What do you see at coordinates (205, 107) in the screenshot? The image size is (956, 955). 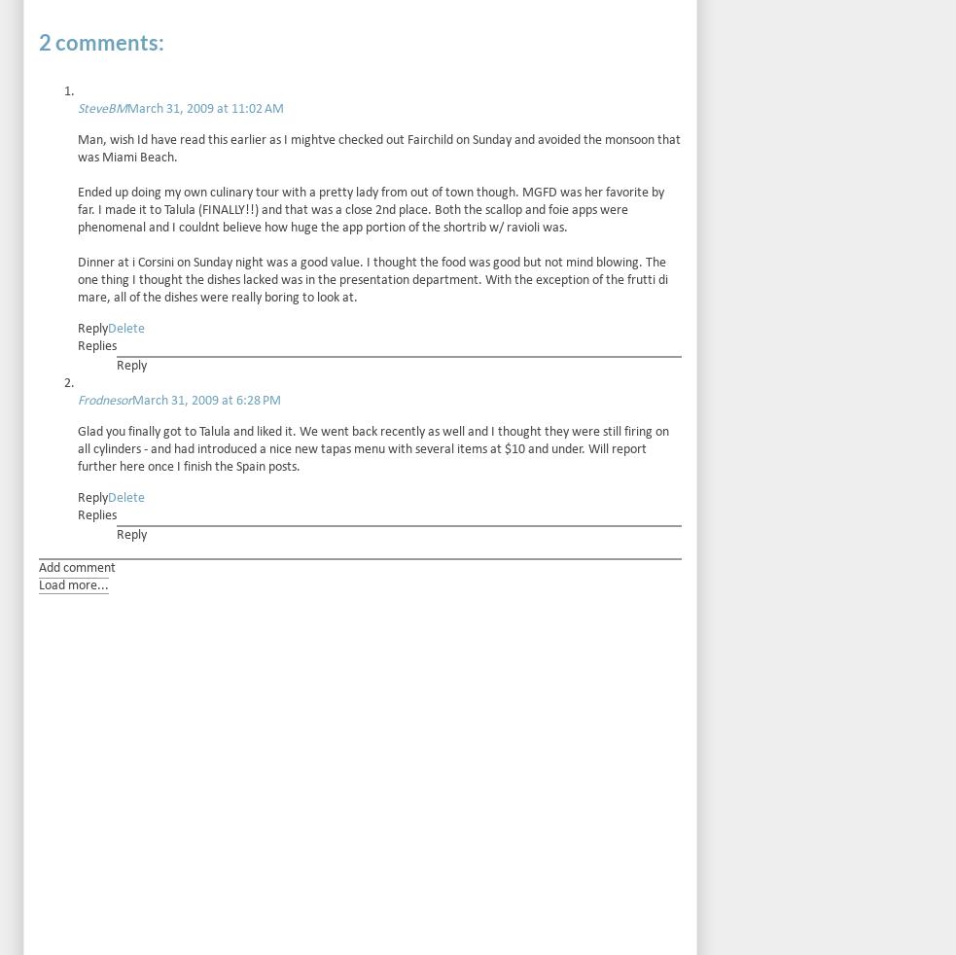 I see `'March 31, 2009 at 11:02 AM'` at bounding box center [205, 107].